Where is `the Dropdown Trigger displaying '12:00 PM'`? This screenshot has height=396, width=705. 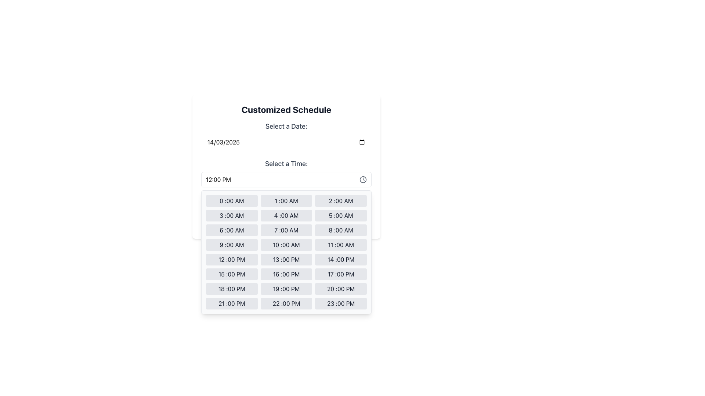
the Dropdown Trigger displaying '12:00 PM' is located at coordinates (286, 179).